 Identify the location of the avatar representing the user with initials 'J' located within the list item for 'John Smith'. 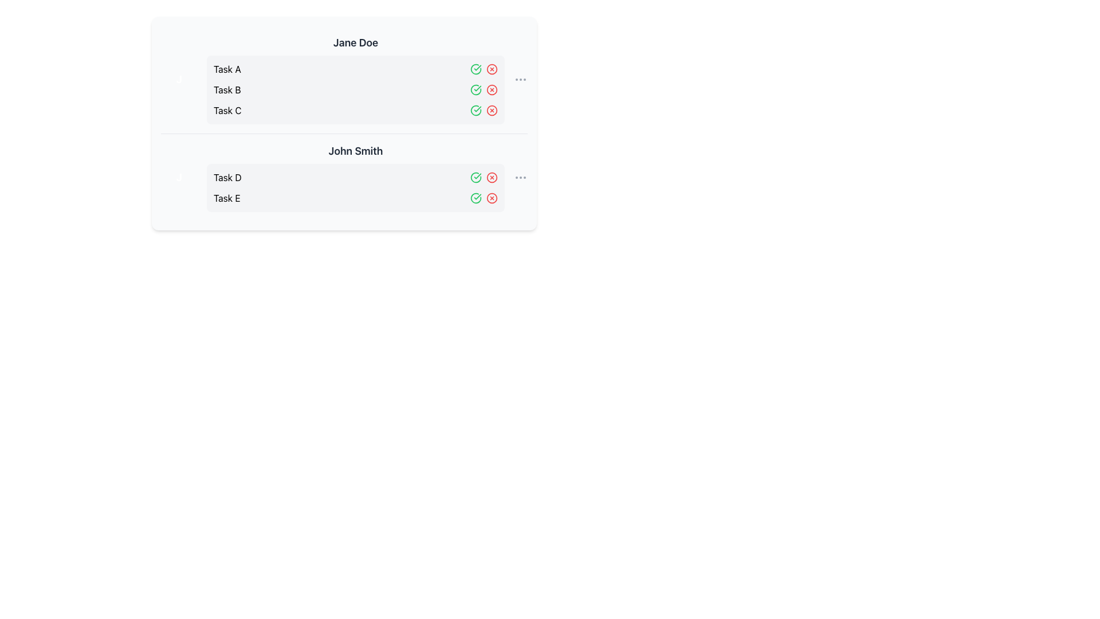
(178, 177).